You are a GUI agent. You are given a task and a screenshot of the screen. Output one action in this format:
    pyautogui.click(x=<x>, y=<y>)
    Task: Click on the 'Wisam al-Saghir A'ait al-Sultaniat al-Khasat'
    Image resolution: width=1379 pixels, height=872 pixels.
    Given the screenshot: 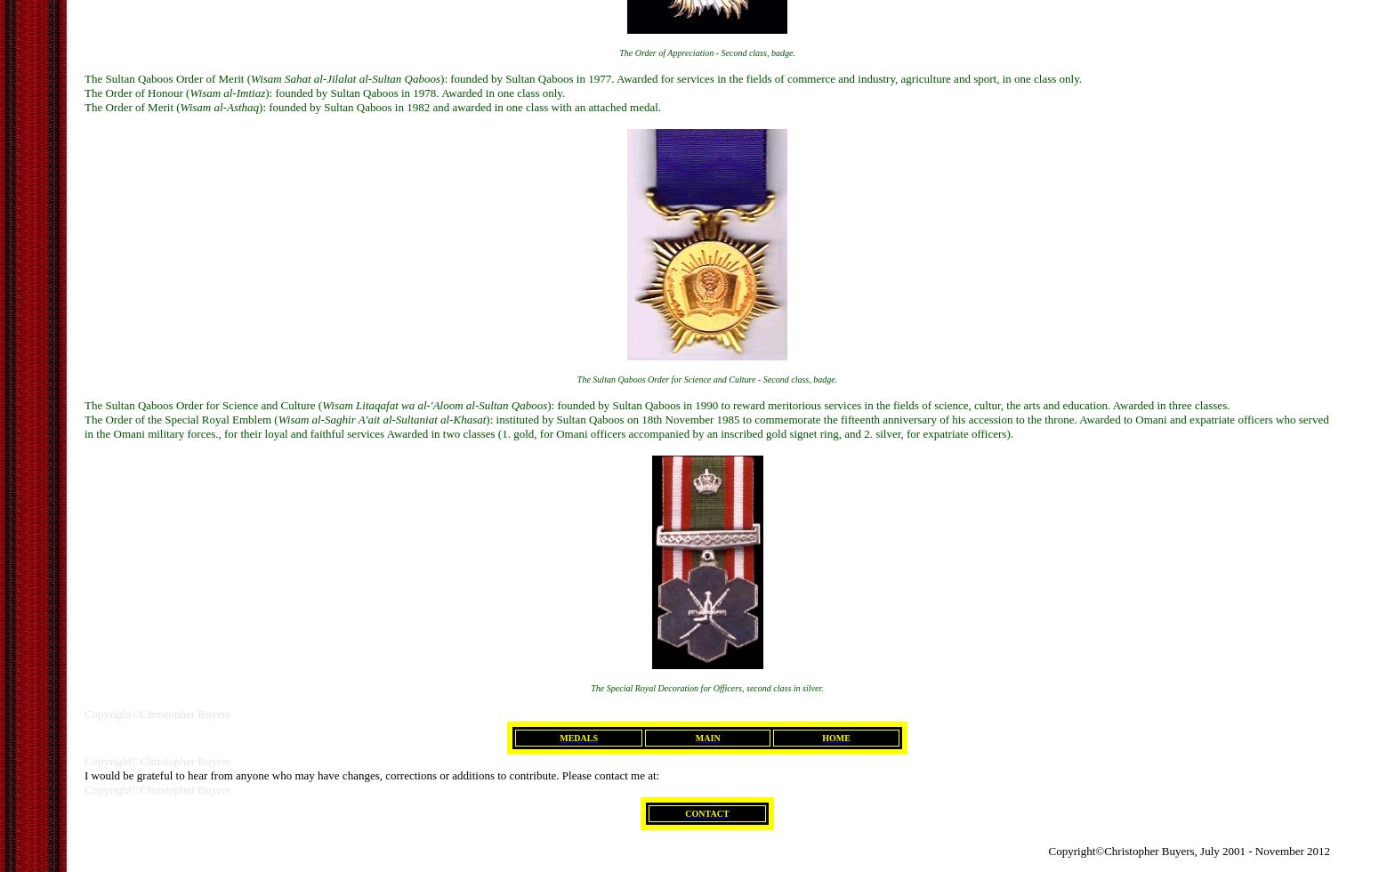 What is the action you would take?
    pyautogui.click(x=277, y=418)
    